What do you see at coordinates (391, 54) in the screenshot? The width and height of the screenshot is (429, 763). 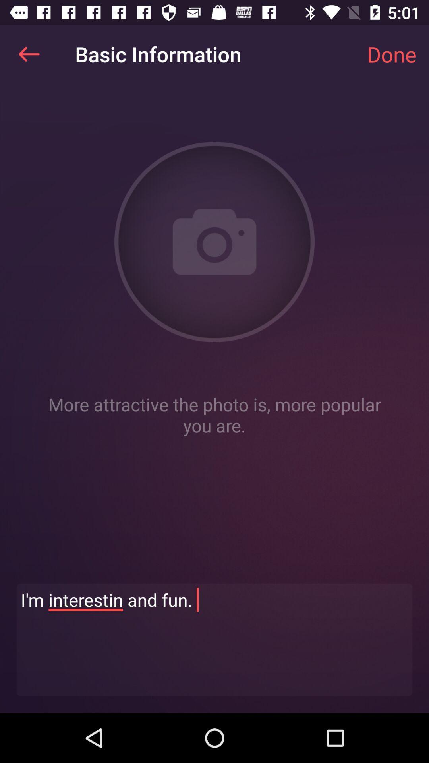 I see `item at the top right corner` at bounding box center [391, 54].